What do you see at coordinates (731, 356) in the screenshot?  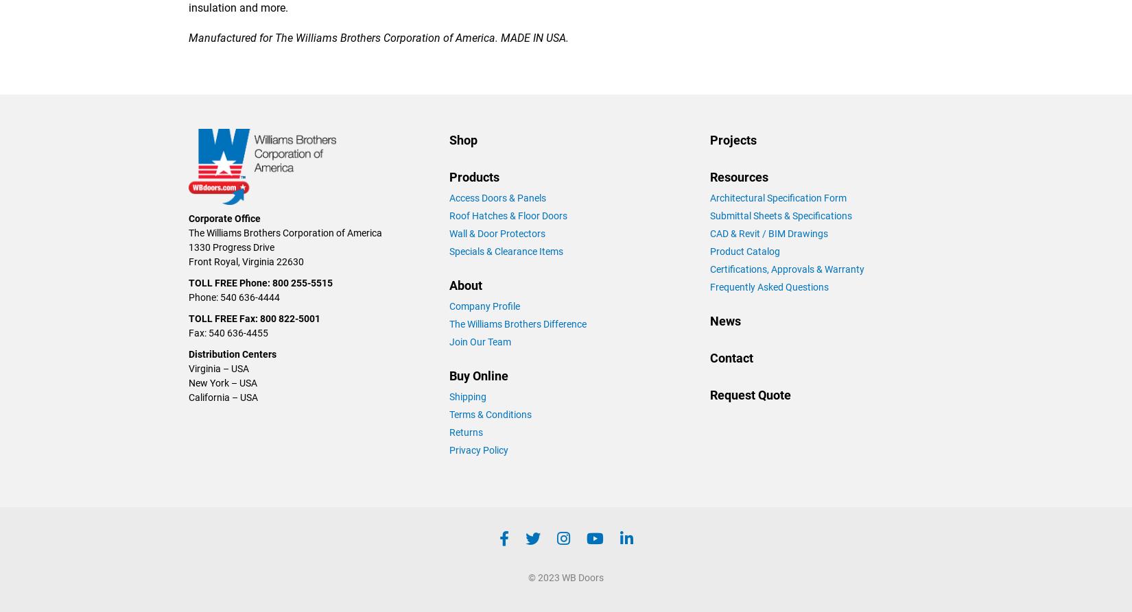 I see `'Contact'` at bounding box center [731, 356].